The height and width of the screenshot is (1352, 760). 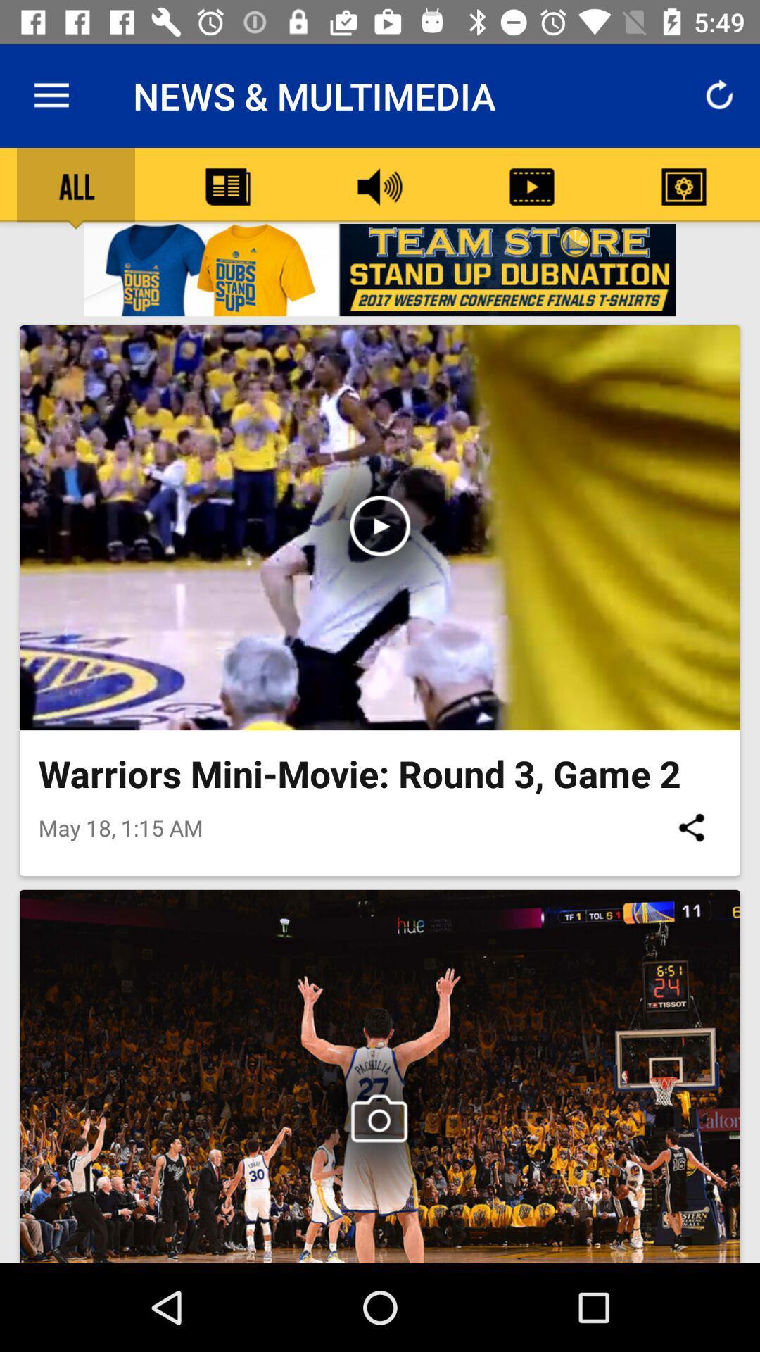 What do you see at coordinates (690, 827) in the screenshot?
I see `the icon below warriors mini movie` at bounding box center [690, 827].